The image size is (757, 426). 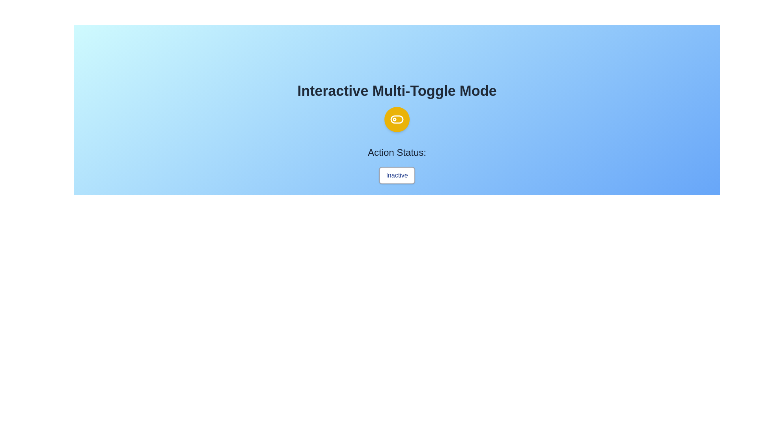 What do you see at coordinates (397, 120) in the screenshot?
I see `the circular button to toggle its state` at bounding box center [397, 120].